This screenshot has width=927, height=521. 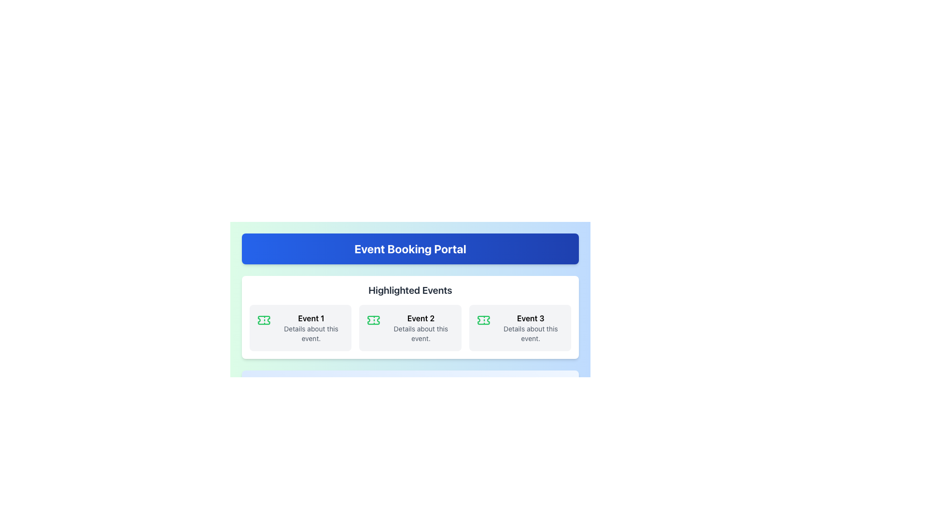 What do you see at coordinates (410, 248) in the screenshot?
I see `the text label 'Event Booking Portal' which is a bold, large white text on a gradient background located at the upper section of the interface` at bounding box center [410, 248].